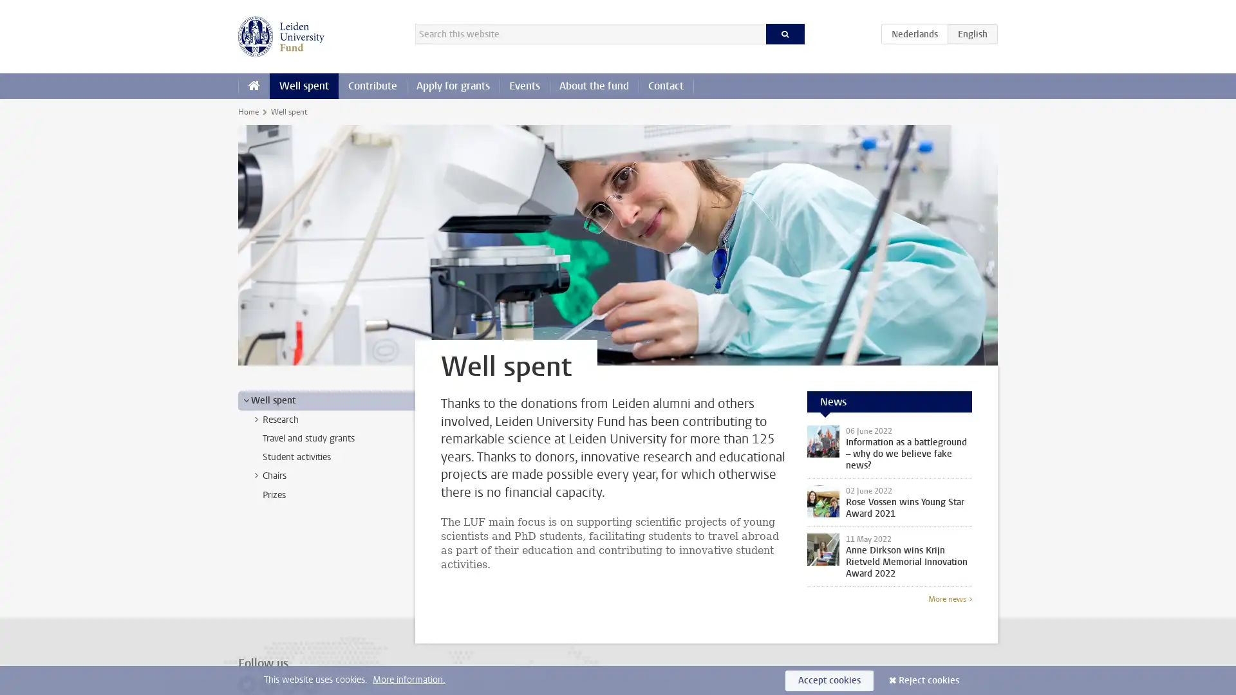  I want to click on Search, so click(784, 33).